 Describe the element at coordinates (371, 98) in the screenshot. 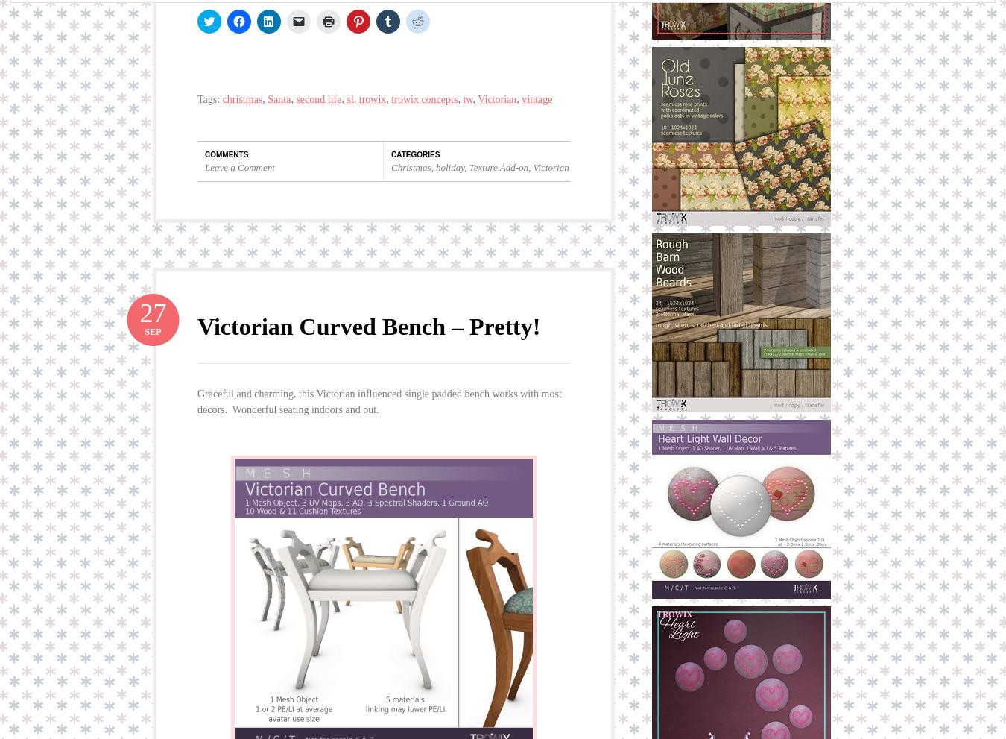

I see `'trowix'` at that location.